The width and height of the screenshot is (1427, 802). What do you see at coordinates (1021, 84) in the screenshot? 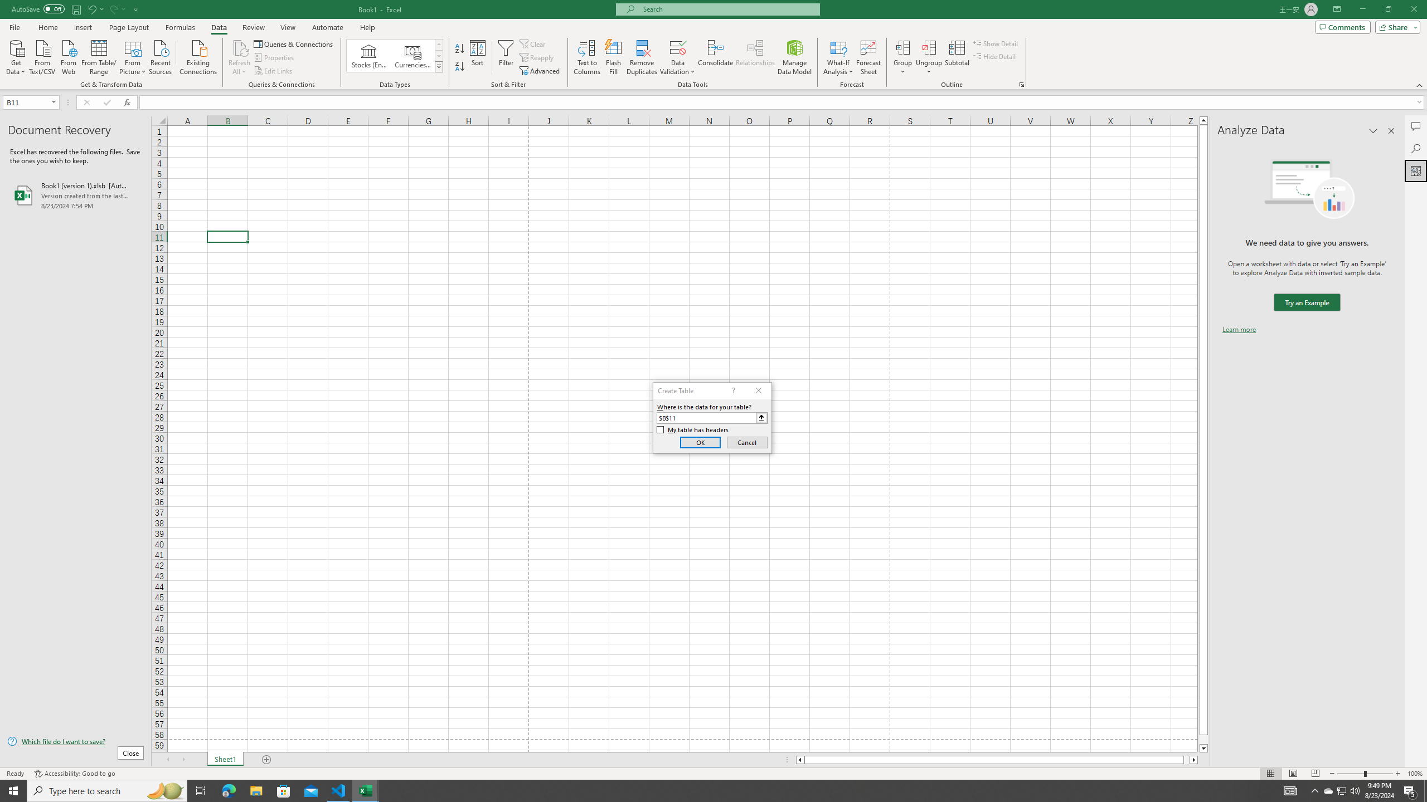
I see `'Group and Outline Settings'` at bounding box center [1021, 84].